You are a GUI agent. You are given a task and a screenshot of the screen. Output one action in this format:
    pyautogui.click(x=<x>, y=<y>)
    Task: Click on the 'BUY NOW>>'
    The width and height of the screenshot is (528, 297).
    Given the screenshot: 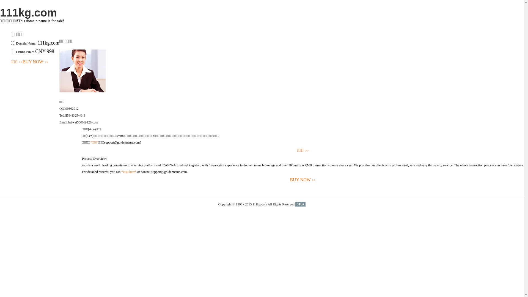 What is the action you would take?
    pyautogui.click(x=22, y=62)
    